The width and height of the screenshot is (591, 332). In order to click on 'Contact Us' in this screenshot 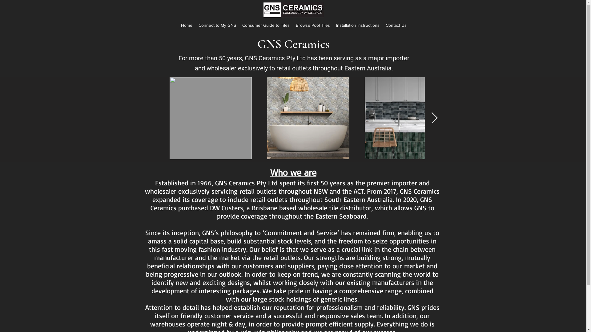, I will do `click(396, 25)`.